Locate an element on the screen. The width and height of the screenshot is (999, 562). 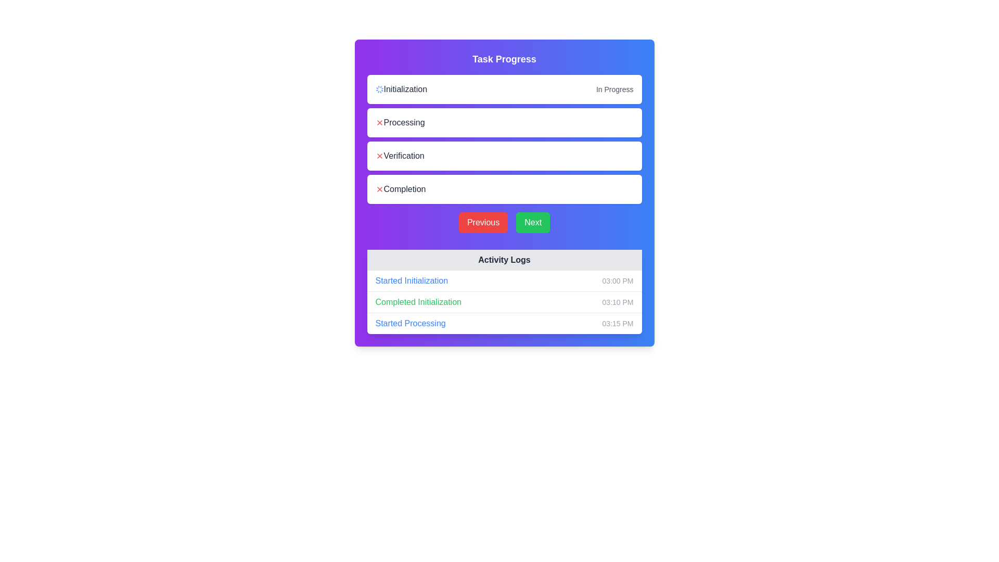
the text element that indicates the current status of the task step, located to the far right of the 'Initialization' label in the task progress section is located at coordinates (614, 89).